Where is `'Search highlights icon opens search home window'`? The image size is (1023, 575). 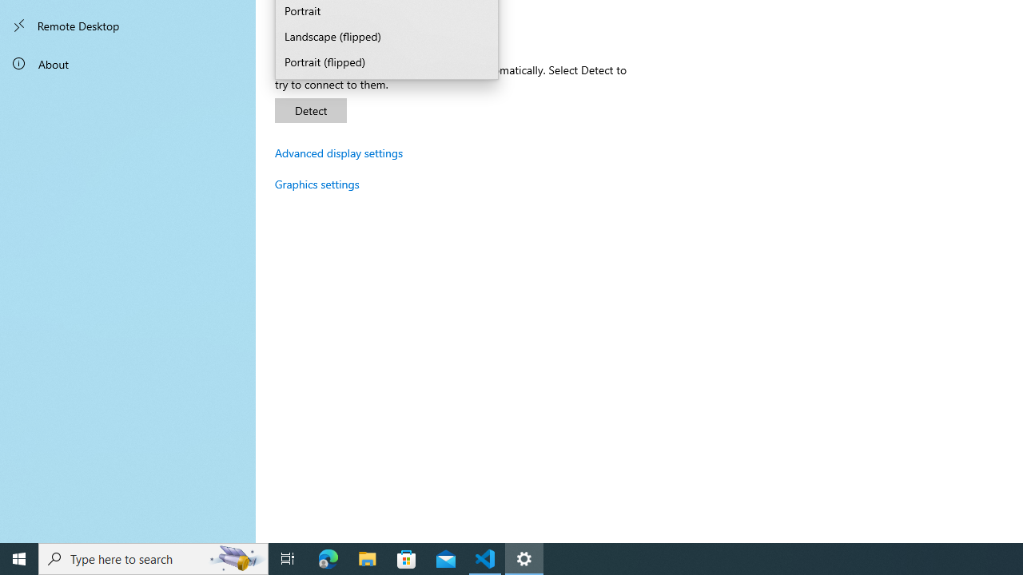
'Search highlights icon opens search home window' is located at coordinates (235, 557).